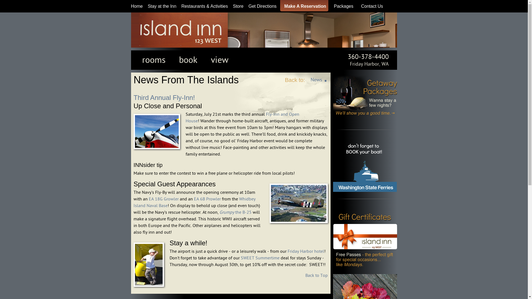 The image size is (532, 299). I want to click on 'Contact Us', so click(370, 6).